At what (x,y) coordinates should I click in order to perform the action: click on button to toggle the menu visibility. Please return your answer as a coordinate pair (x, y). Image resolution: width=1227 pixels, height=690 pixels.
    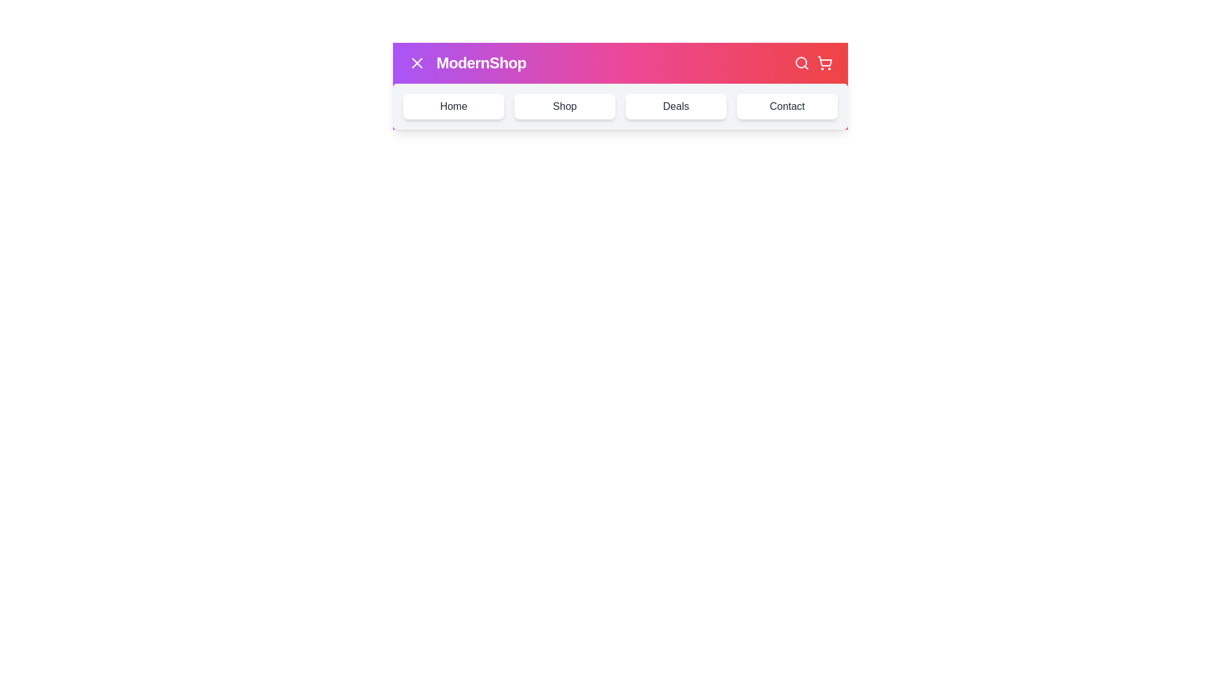
    Looking at the image, I should click on (417, 63).